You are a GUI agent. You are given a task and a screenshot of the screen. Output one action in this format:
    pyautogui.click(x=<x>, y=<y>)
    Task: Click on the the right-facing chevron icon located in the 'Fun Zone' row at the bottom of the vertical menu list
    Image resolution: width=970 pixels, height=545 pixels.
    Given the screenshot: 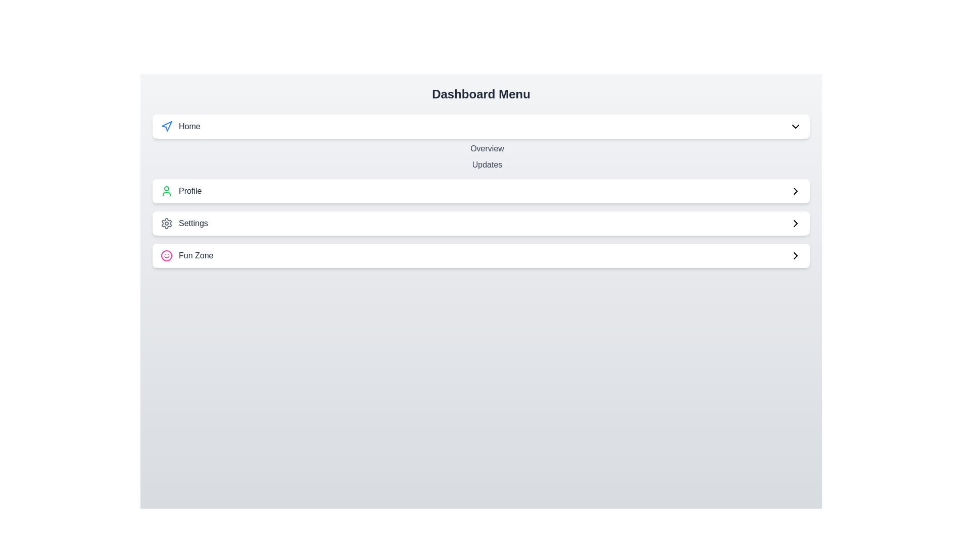 What is the action you would take?
    pyautogui.click(x=795, y=255)
    